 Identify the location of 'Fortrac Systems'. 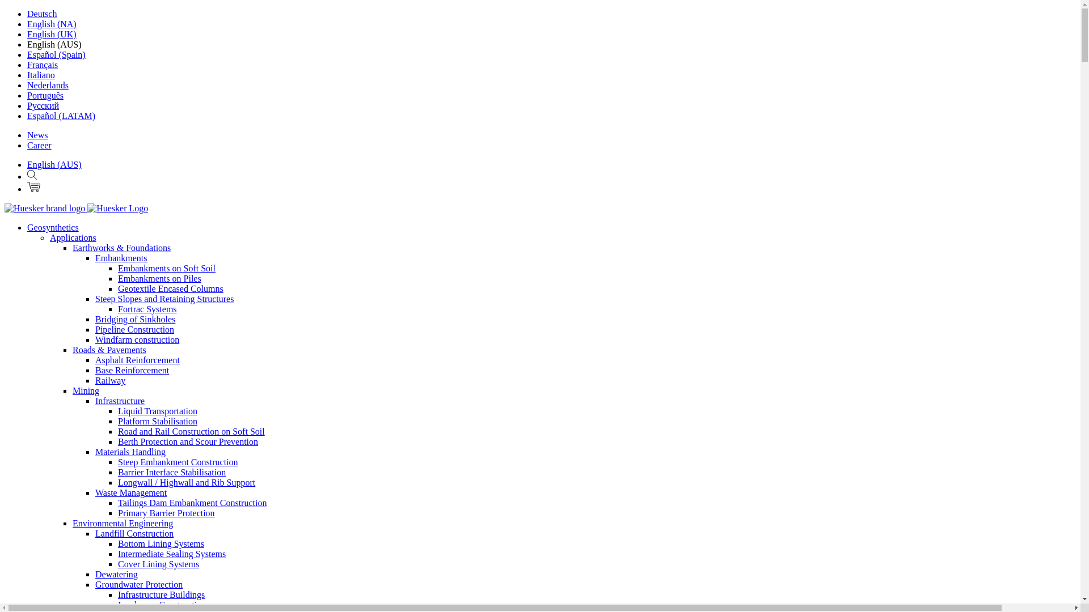
(146, 309).